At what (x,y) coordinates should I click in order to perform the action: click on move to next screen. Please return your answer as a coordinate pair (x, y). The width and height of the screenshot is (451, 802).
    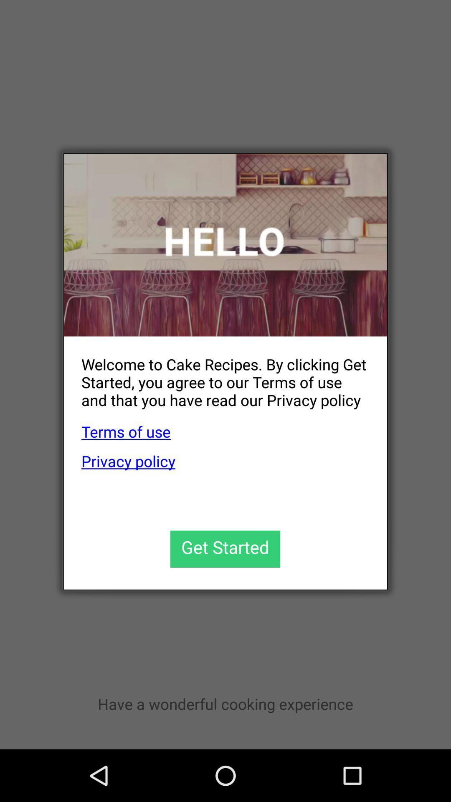
    Looking at the image, I should click on (225, 549).